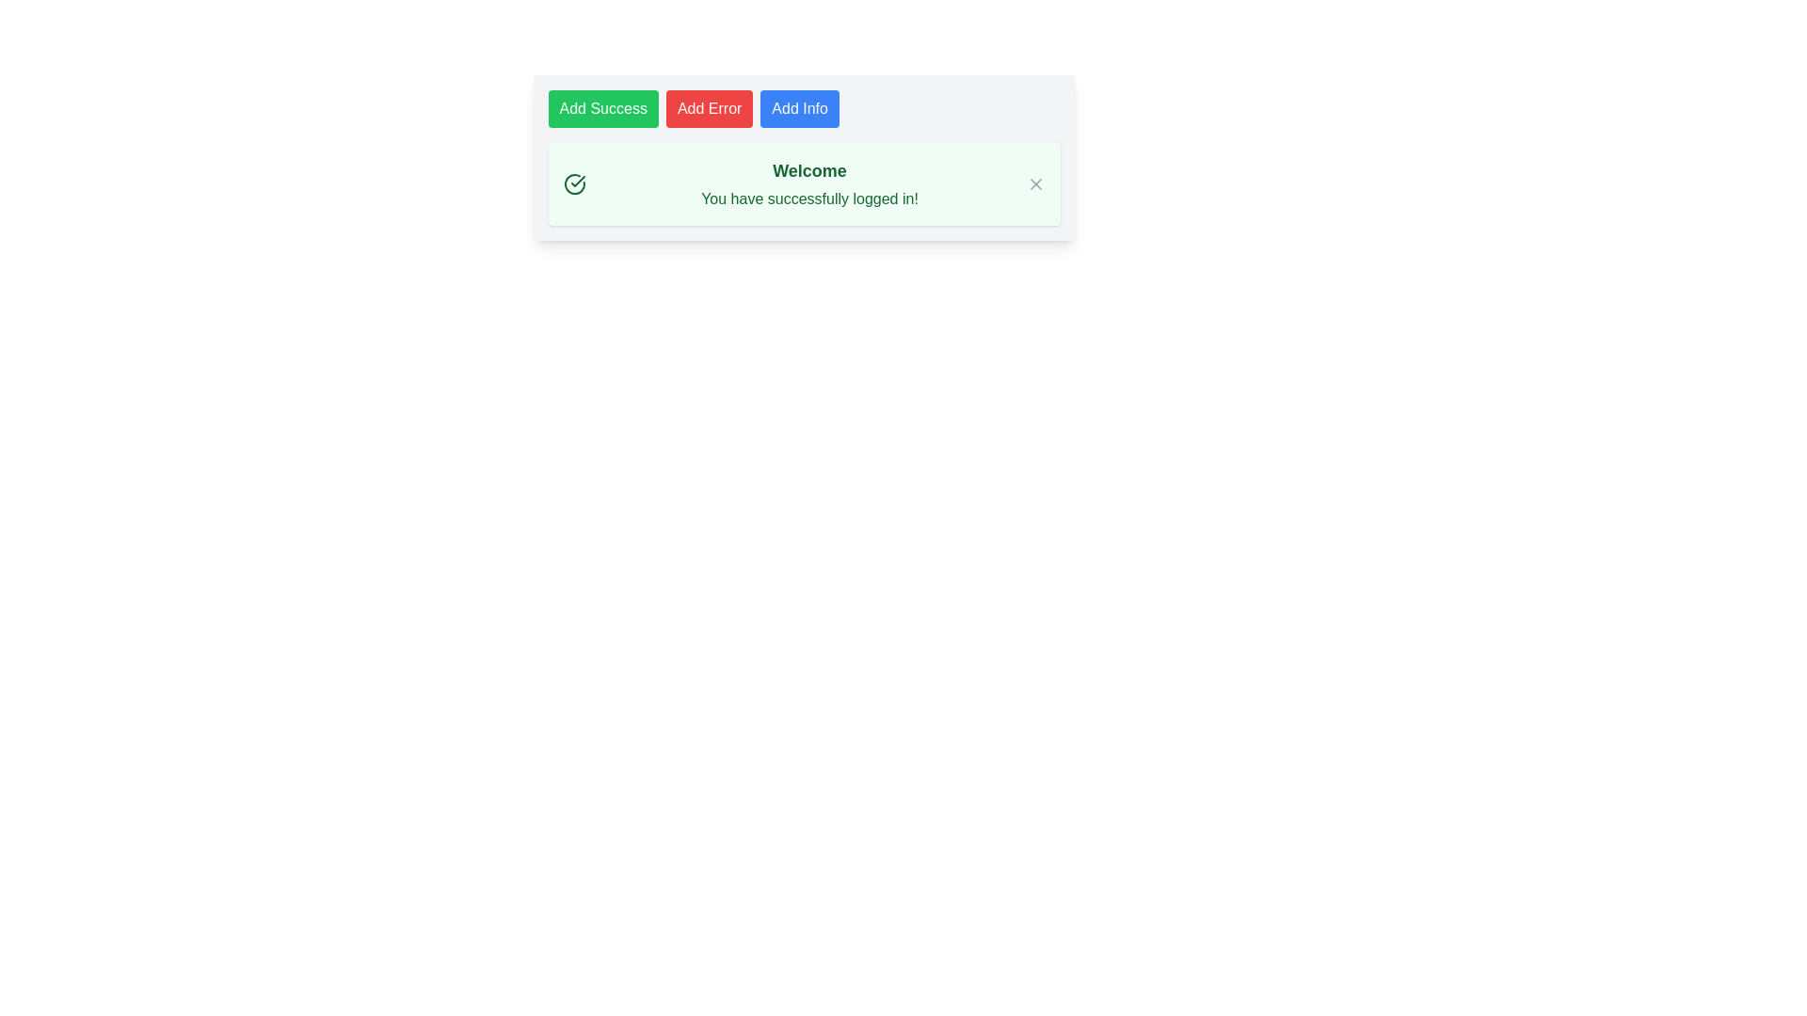  What do you see at coordinates (603, 108) in the screenshot?
I see `the button that triggers a successful operation message, located in the top-left of a group of three buttons above a notification box displaying a 'Welcome' message` at bounding box center [603, 108].